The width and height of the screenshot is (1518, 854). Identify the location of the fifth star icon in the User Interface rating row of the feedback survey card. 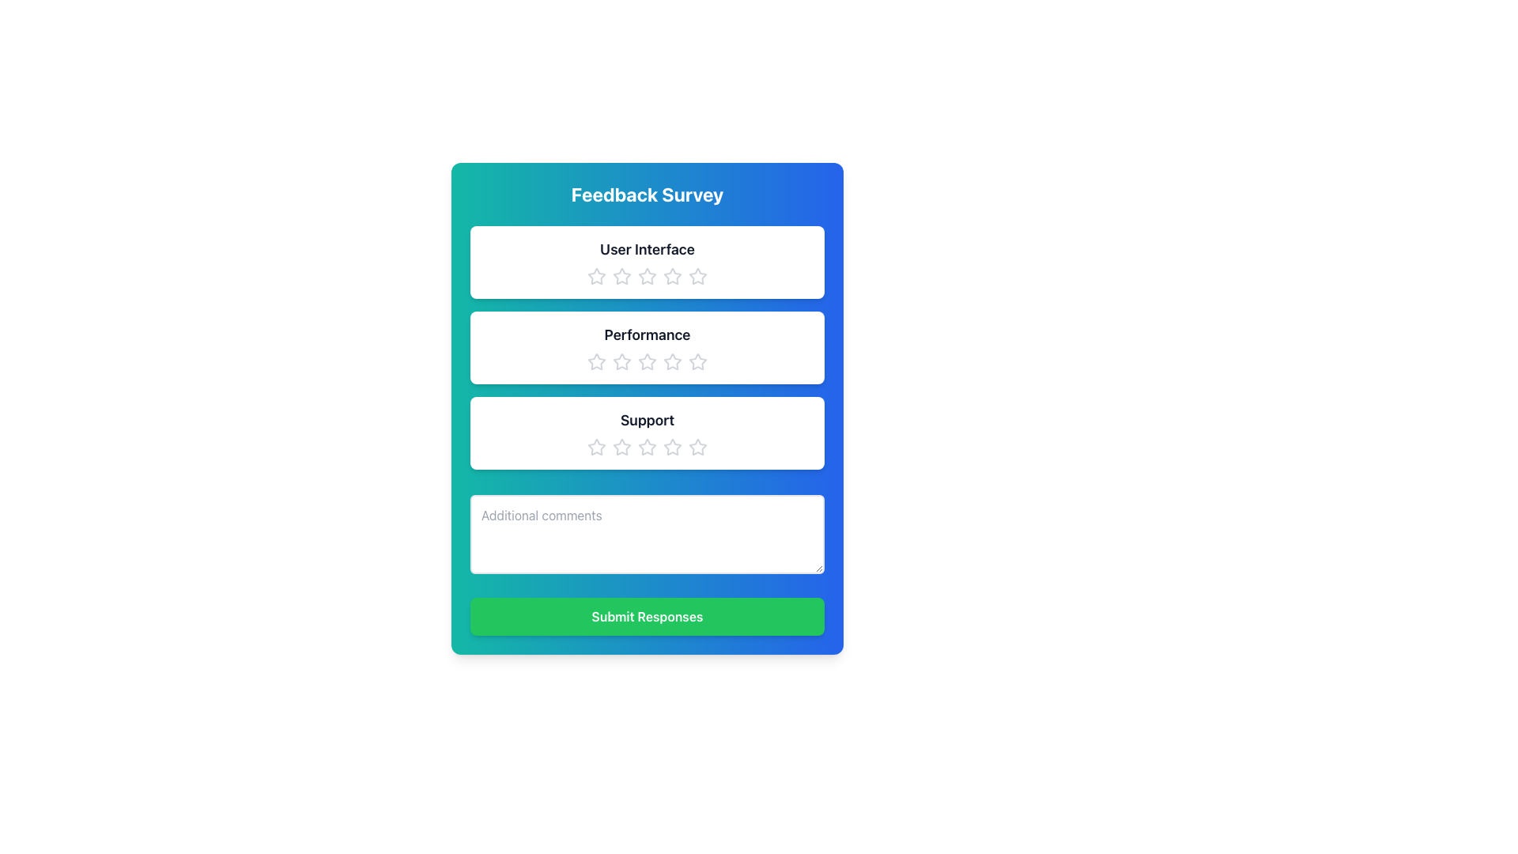
(648, 276).